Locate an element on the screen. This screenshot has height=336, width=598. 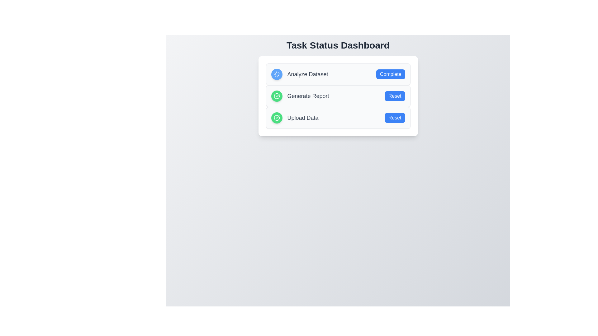
the green circular icon indicating a completed task for 'Generate Report' is located at coordinates (276, 118).